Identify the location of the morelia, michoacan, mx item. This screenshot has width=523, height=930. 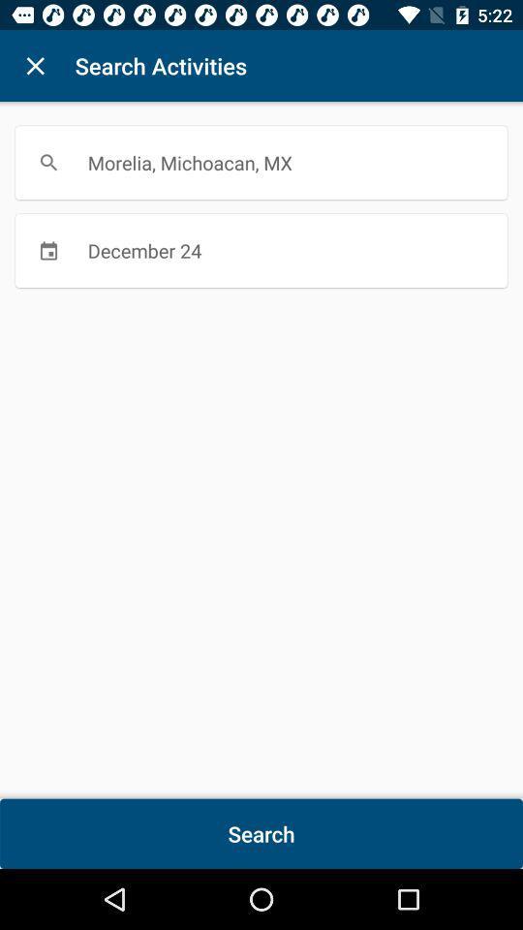
(261, 162).